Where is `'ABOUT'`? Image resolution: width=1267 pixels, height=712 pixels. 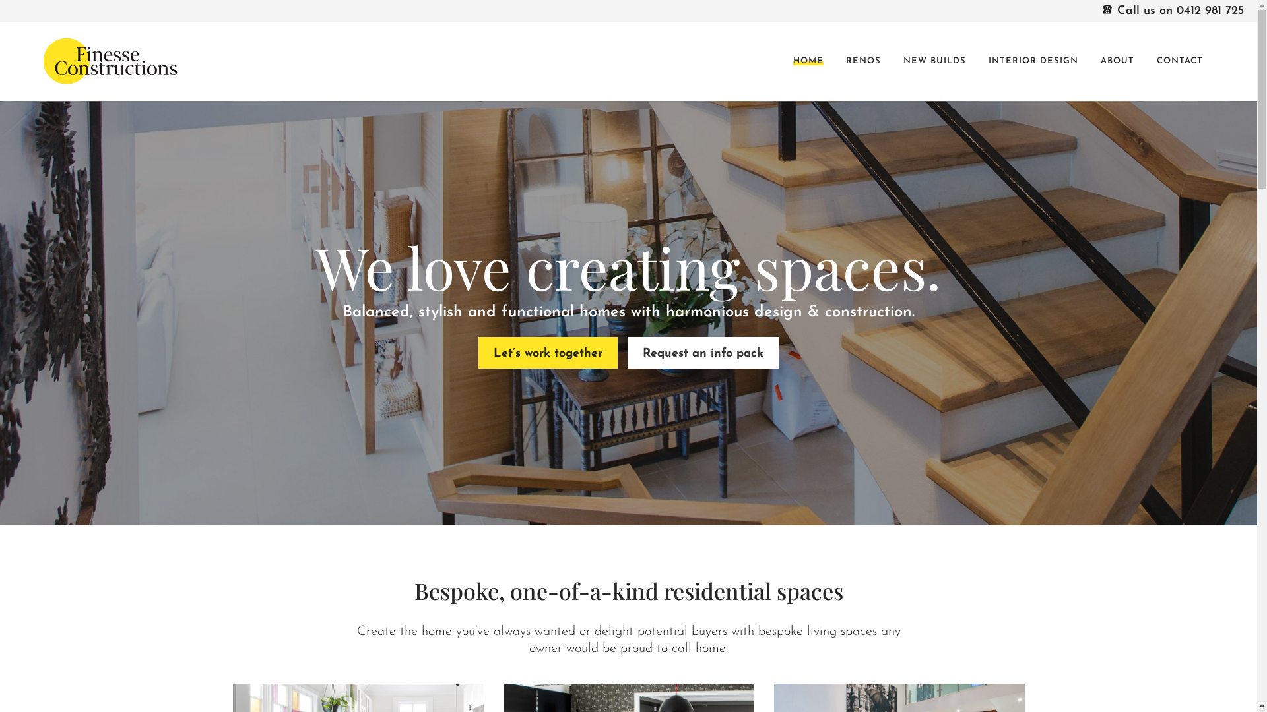 'ABOUT' is located at coordinates (1117, 61).